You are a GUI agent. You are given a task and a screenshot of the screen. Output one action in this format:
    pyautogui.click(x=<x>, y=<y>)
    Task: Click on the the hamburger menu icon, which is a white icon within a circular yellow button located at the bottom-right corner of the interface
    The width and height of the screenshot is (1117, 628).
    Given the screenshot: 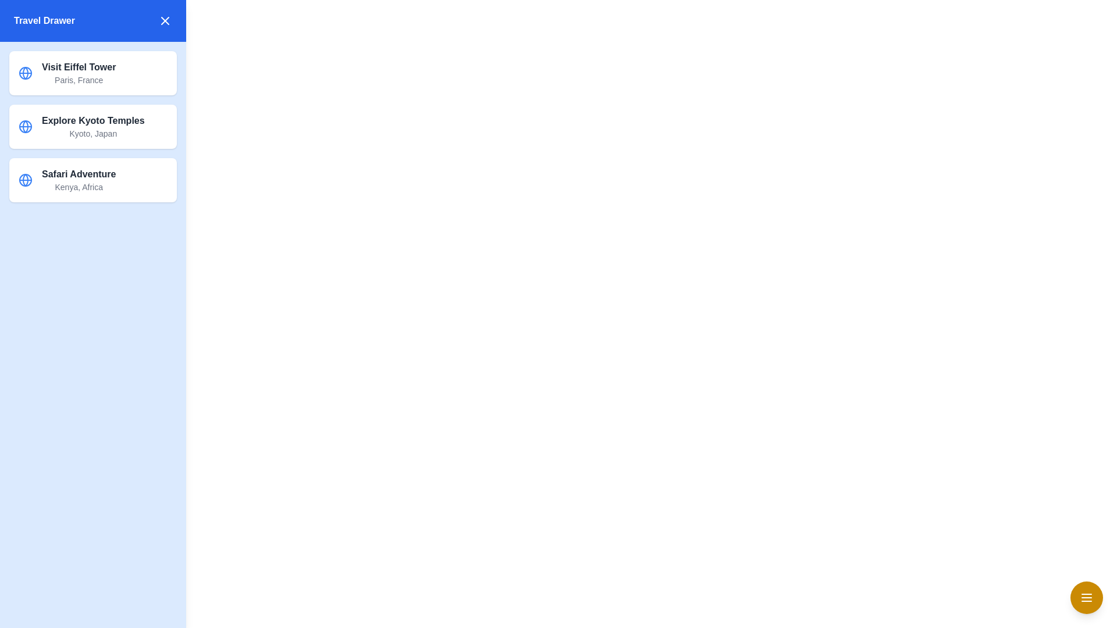 What is the action you would take?
    pyautogui.click(x=1086, y=598)
    